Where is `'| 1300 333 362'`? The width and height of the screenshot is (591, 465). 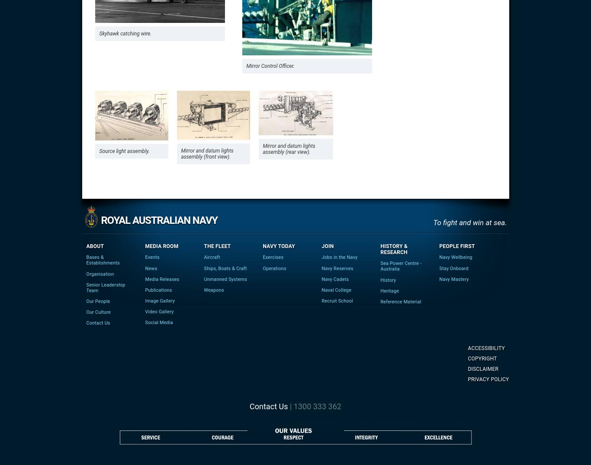 '| 1300 333 362' is located at coordinates (287, 406).